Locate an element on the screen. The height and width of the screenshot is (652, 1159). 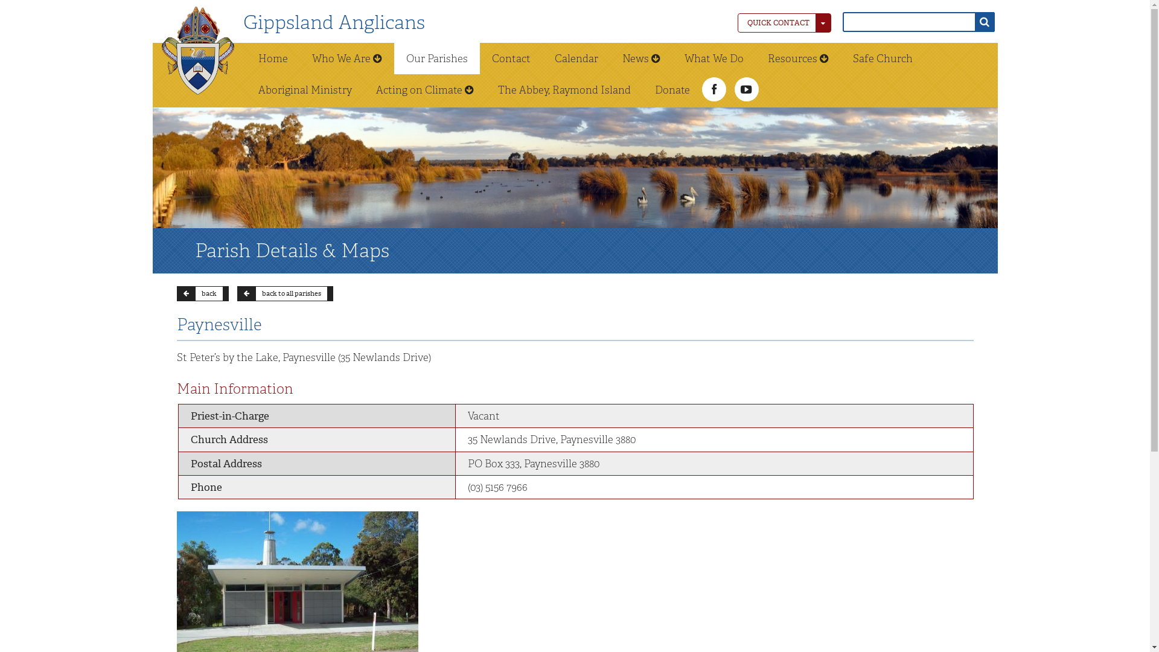
'Safe Church' is located at coordinates (882, 58).